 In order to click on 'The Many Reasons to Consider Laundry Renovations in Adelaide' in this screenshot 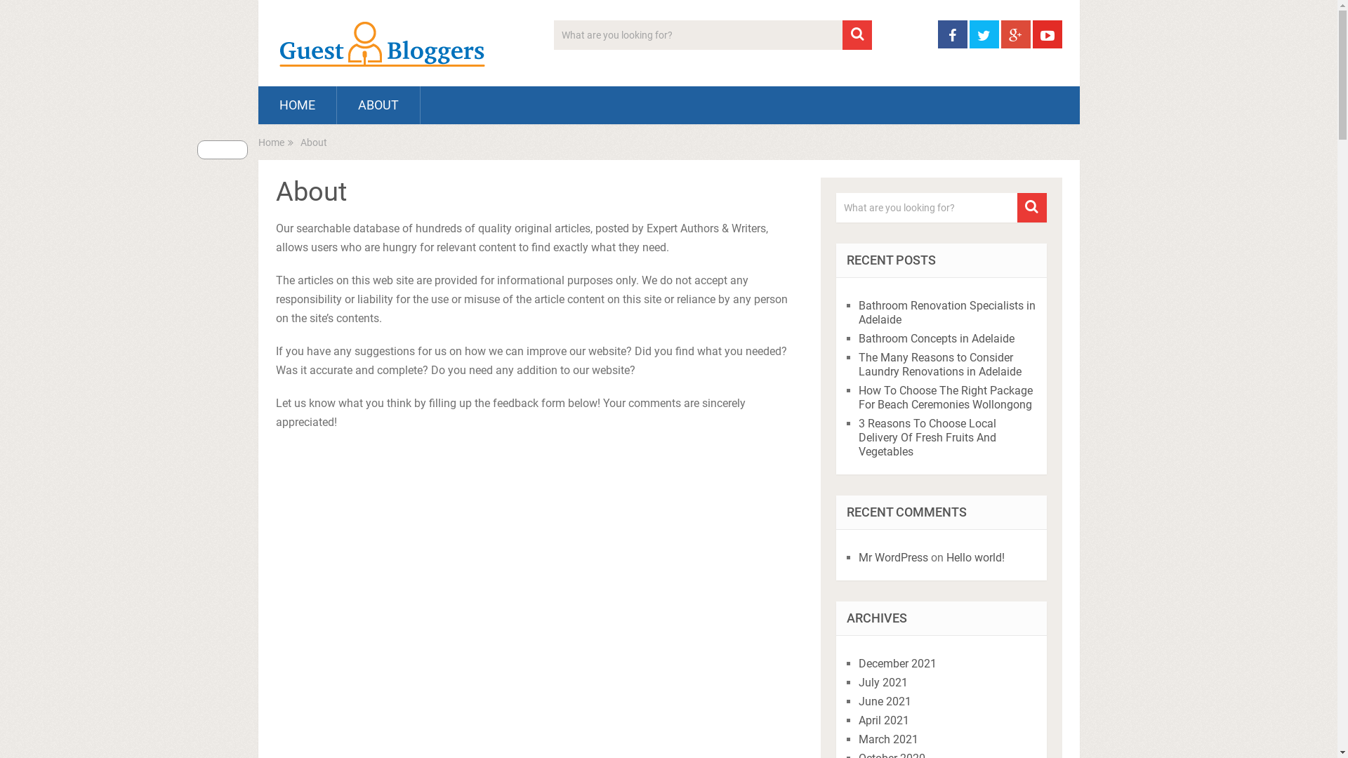, I will do `click(940, 364)`.